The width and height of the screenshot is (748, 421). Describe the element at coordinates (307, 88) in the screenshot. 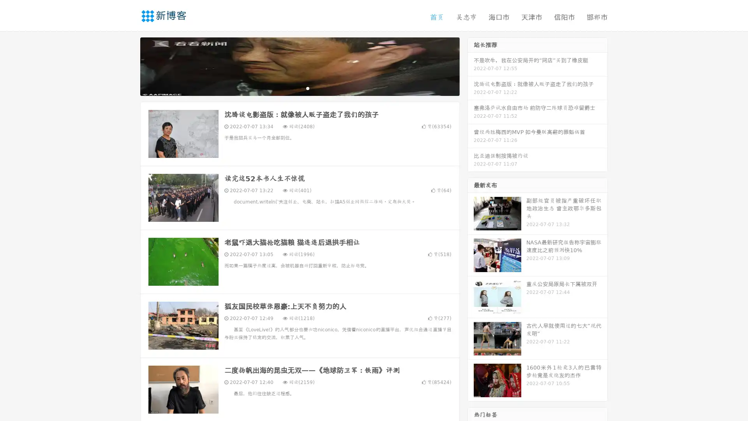

I see `Go to slide 3` at that location.